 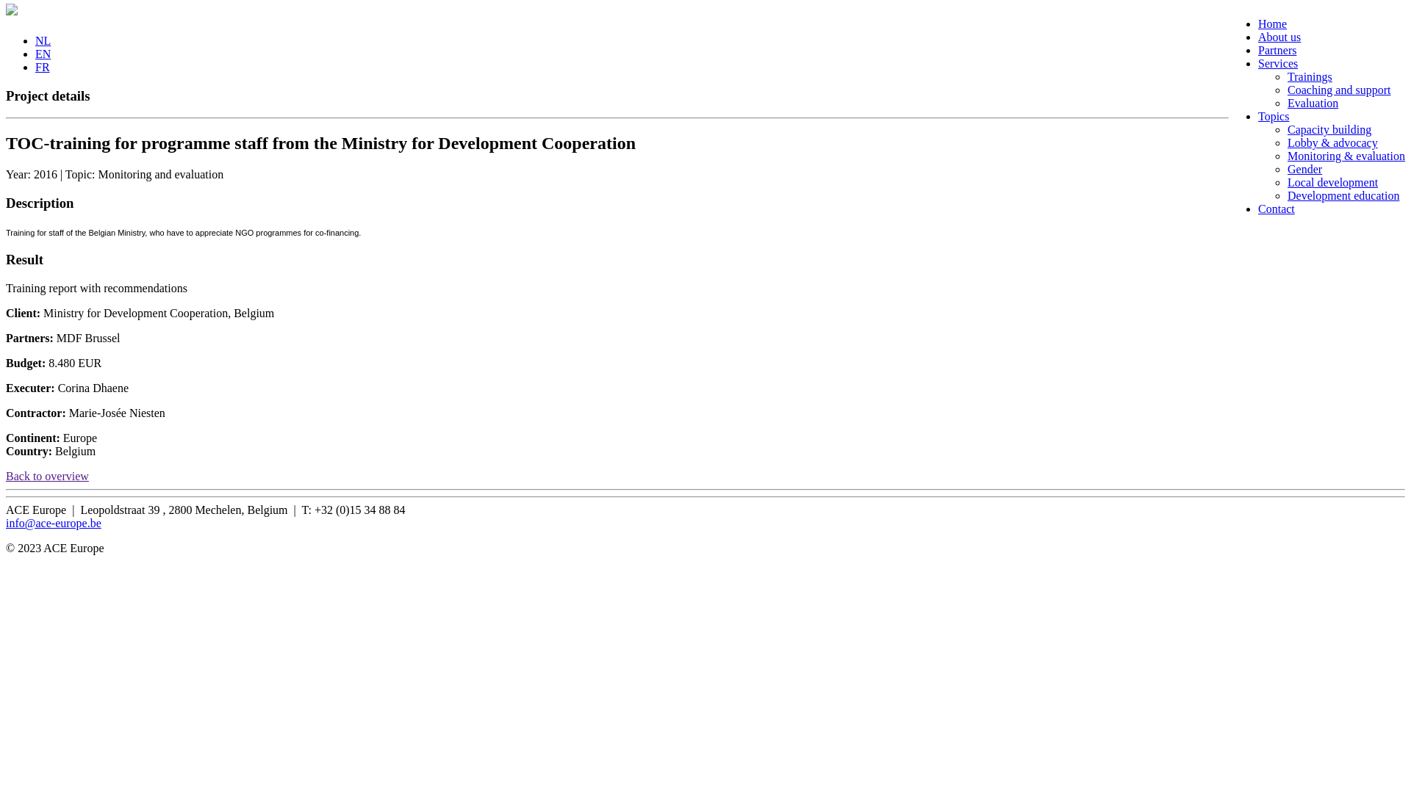 What do you see at coordinates (1339, 90) in the screenshot?
I see `'Coaching and support'` at bounding box center [1339, 90].